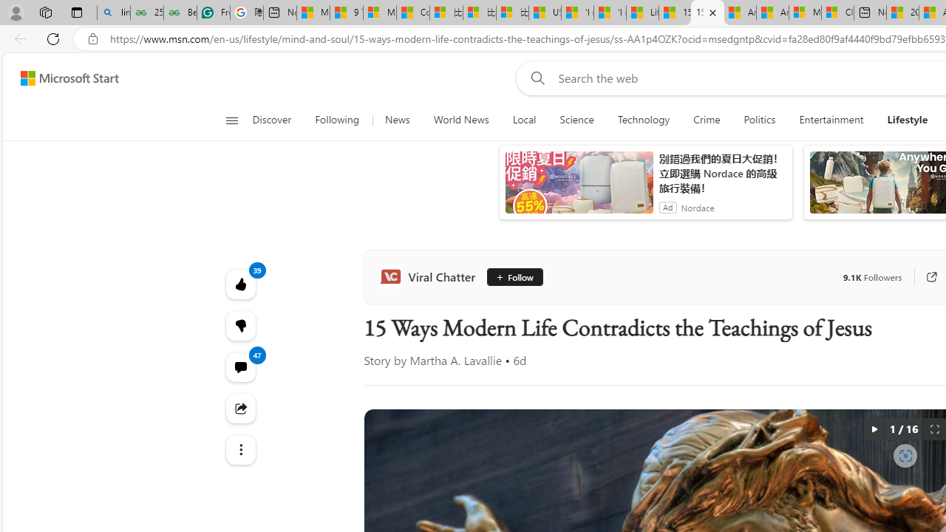 This screenshot has height=532, width=946. Describe the element at coordinates (240, 284) in the screenshot. I see `'39 Like'` at that location.